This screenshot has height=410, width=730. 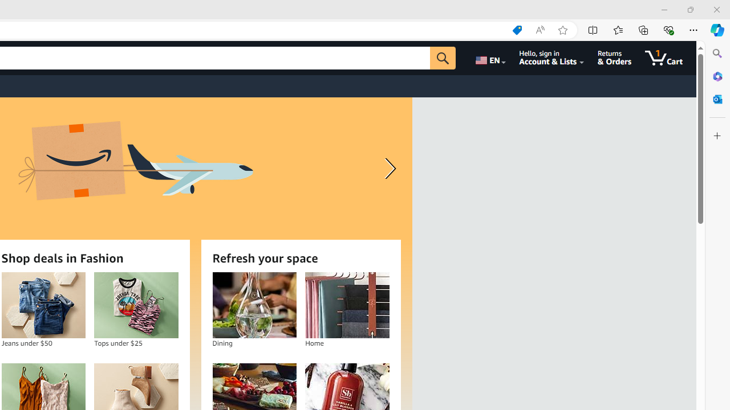 I want to click on 'Dining', so click(x=254, y=305).